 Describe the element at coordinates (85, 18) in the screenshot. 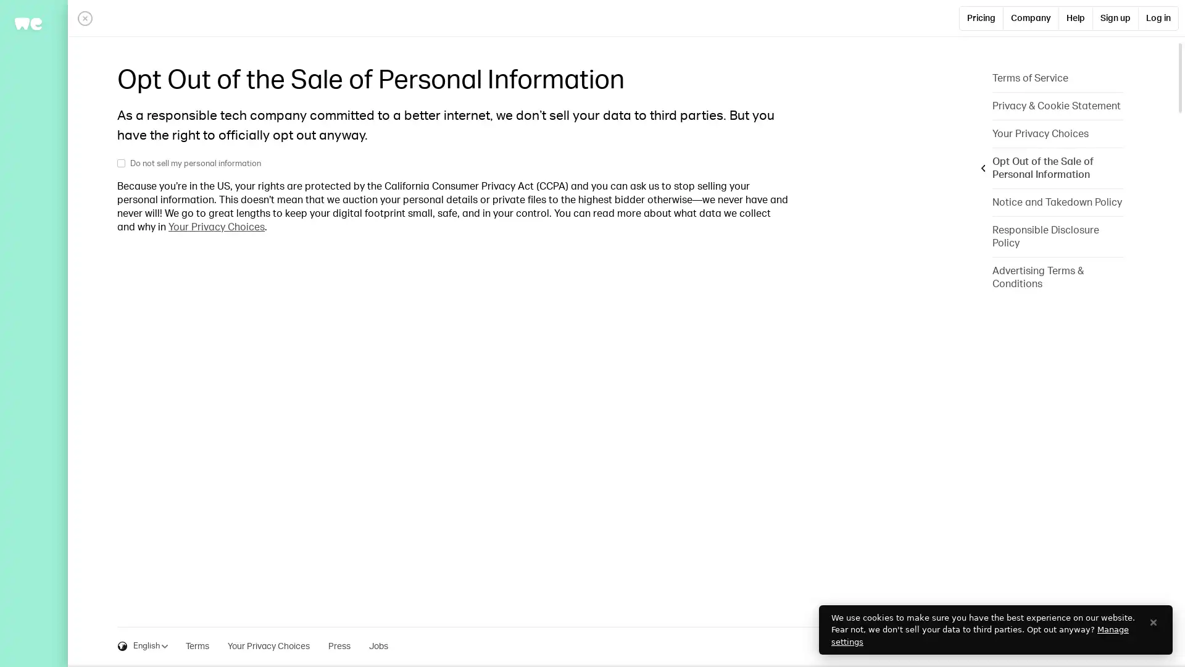

I see `Close panel` at that location.